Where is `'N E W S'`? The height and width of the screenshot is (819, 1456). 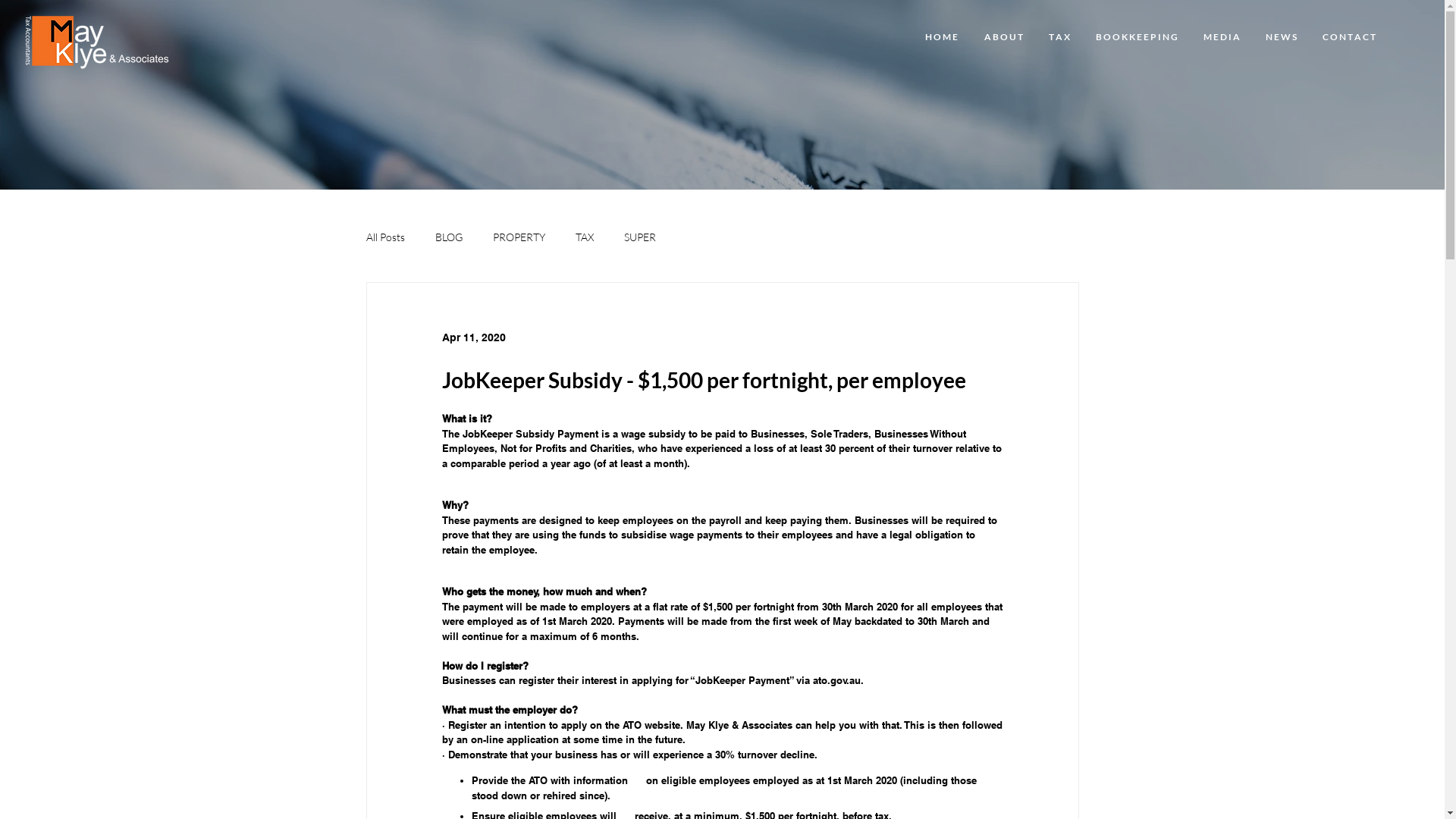 'N E W S' is located at coordinates (1280, 36).